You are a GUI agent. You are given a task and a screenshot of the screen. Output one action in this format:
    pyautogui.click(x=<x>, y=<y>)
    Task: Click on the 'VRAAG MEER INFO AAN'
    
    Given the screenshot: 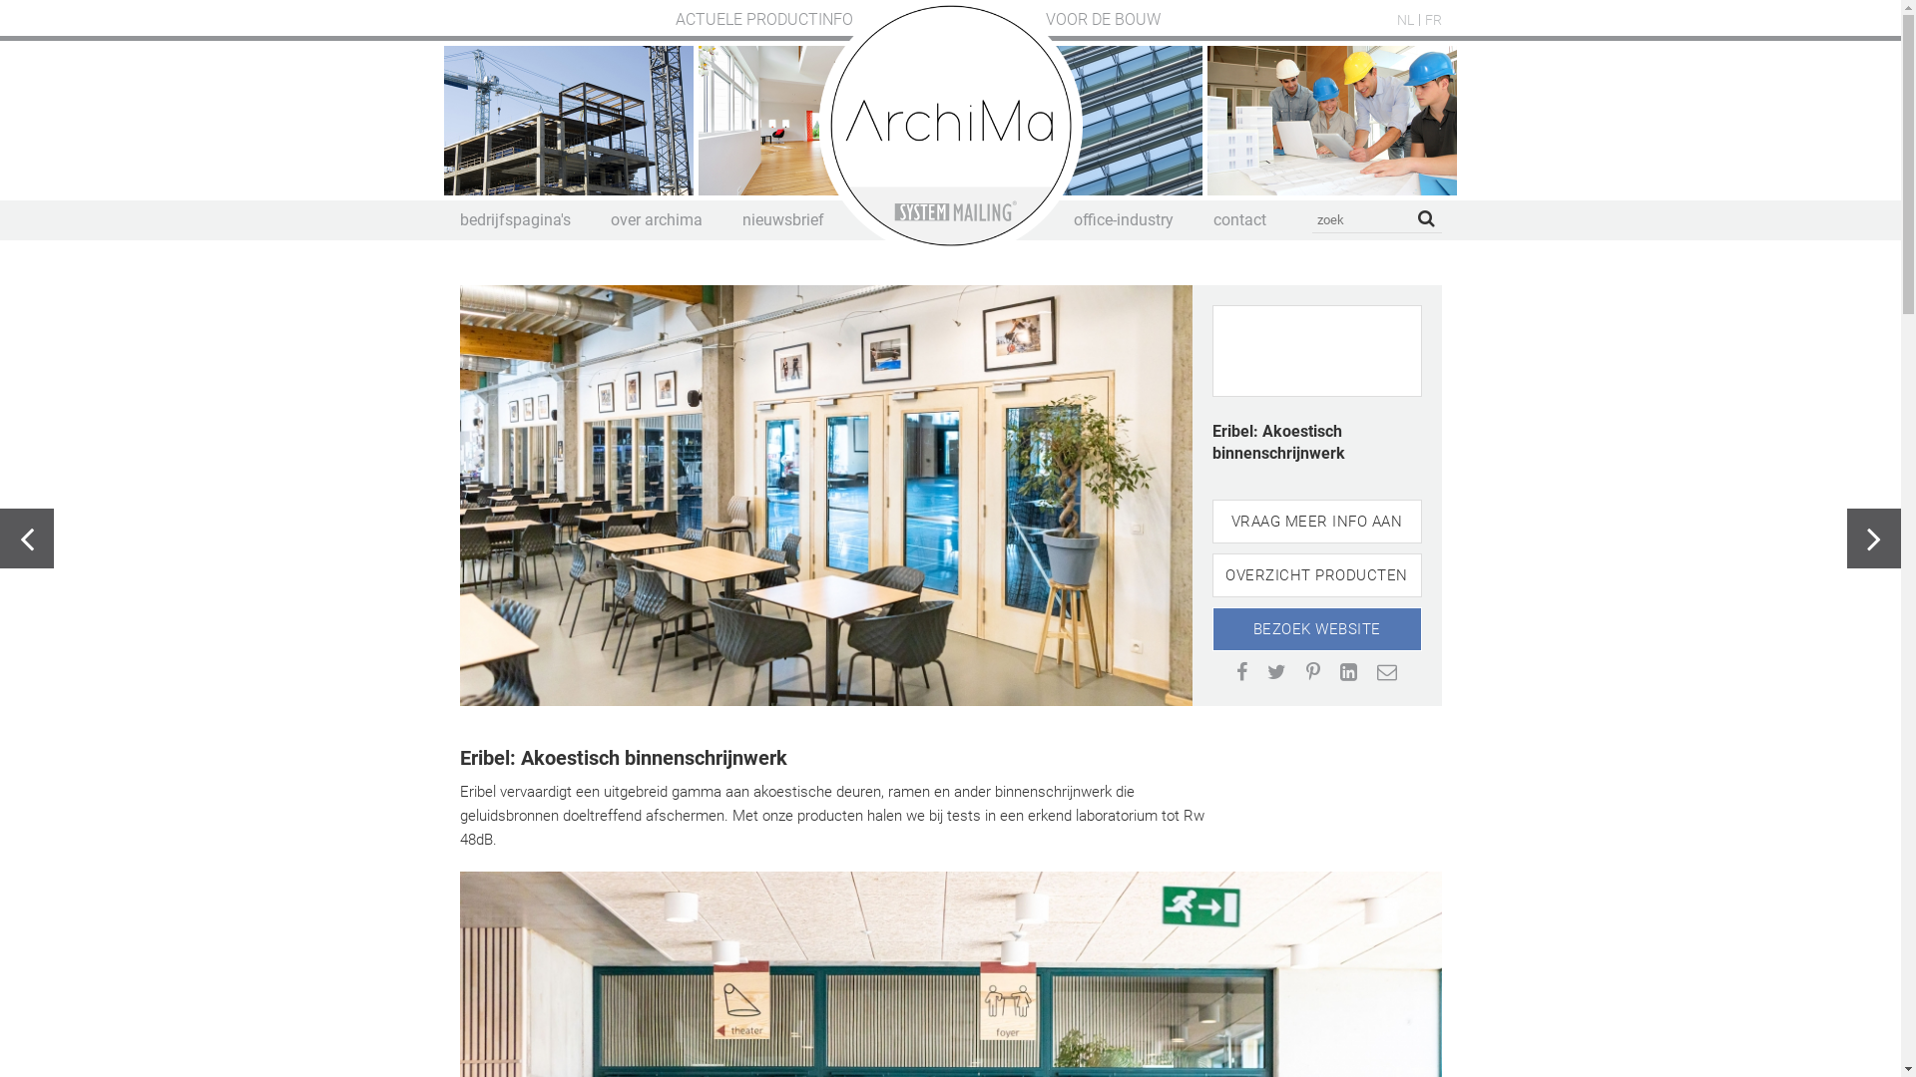 What is the action you would take?
    pyautogui.click(x=1316, y=521)
    